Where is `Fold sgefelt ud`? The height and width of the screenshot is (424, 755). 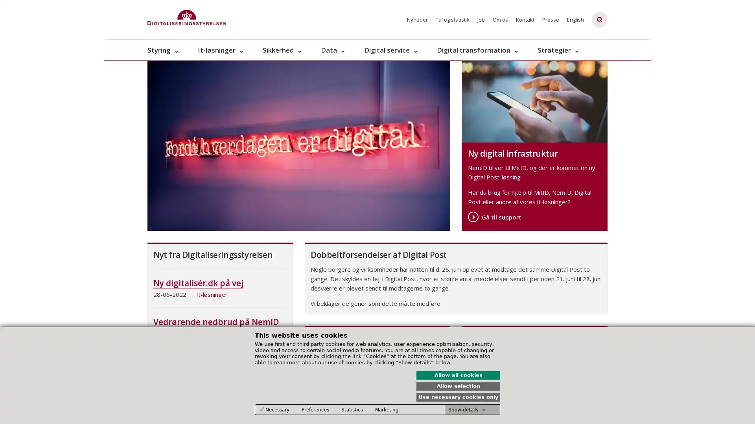 Fold sgefelt ud is located at coordinates (599, 19).